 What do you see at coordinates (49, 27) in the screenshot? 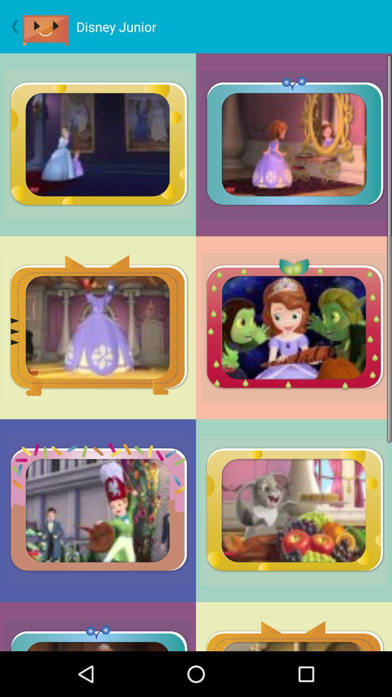
I see `item to the left of disney junior icon` at bounding box center [49, 27].